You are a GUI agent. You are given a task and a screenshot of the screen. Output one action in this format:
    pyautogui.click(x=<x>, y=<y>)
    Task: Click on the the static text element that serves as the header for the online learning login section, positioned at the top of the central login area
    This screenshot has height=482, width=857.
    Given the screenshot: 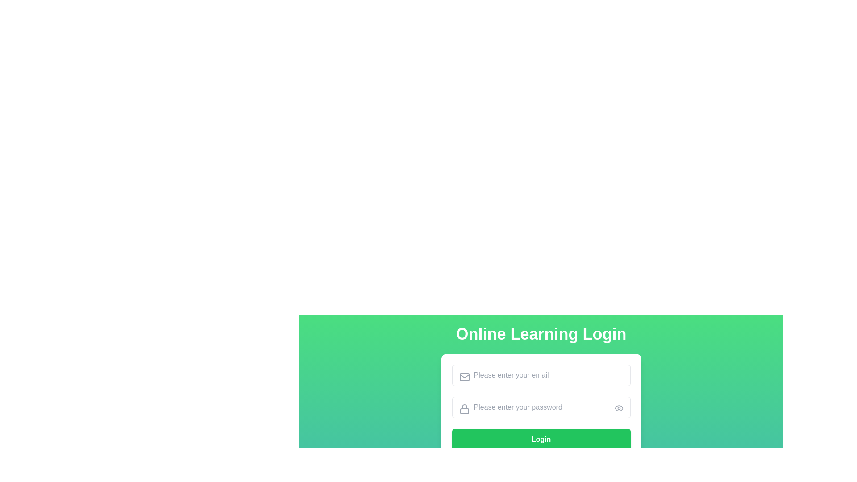 What is the action you would take?
    pyautogui.click(x=541, y=334)
    